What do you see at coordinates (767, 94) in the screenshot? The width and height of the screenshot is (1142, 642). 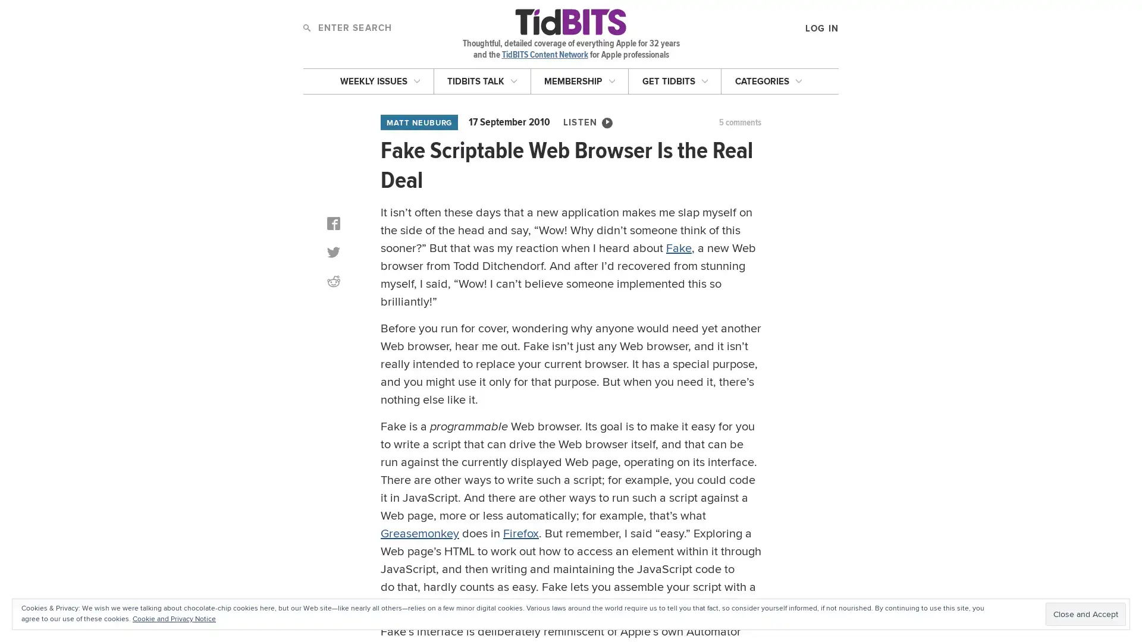 I see `LOG IN` at bounding box center [767, 94].